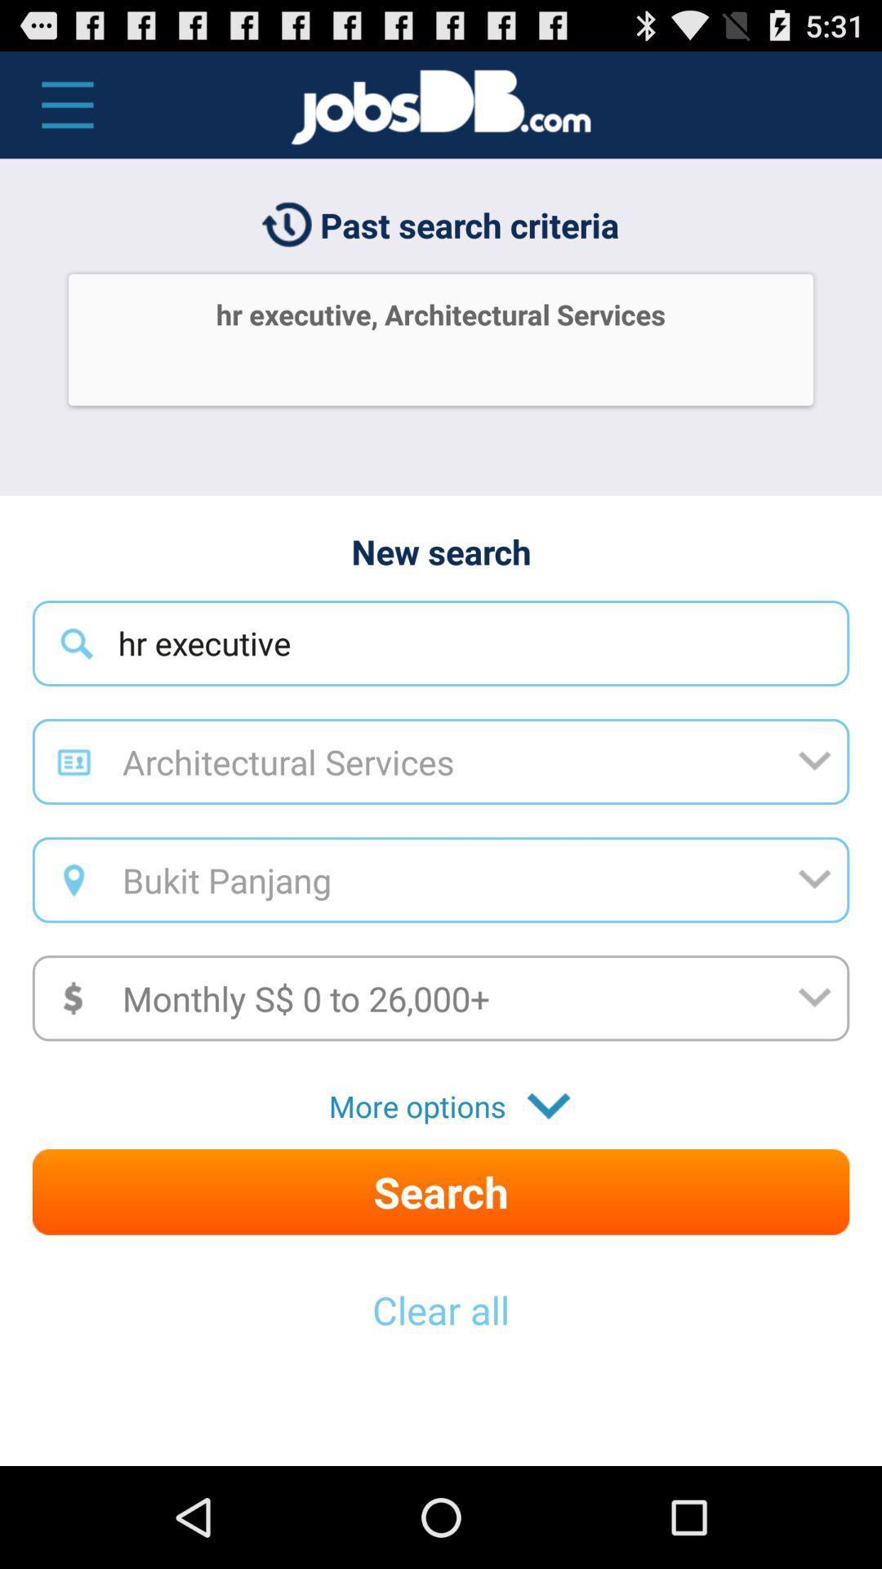 This screenshot has width=882, height=1569. Describe the element at coordinates (58, 112) in the screenshot. I see `the menu icon` at that location.